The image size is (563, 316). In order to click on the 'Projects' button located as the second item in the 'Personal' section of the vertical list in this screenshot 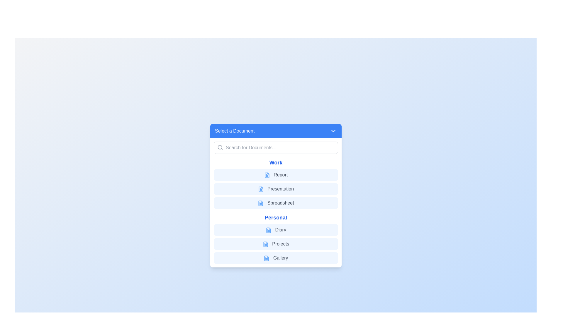, I will do `click(275, 244)`.